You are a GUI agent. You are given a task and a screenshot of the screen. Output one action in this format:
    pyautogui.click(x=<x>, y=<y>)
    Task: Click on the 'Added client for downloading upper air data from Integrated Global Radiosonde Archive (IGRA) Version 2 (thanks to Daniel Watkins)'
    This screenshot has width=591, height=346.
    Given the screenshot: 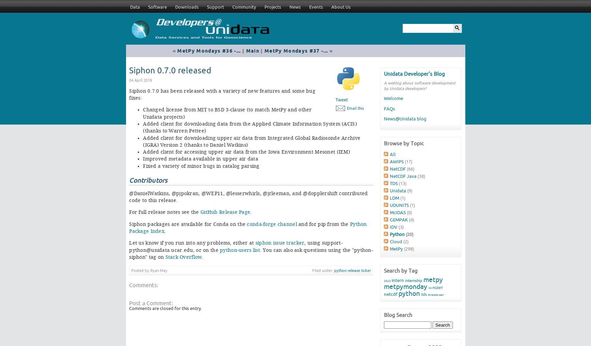 What is the action you would take?
    pyautogui.click(x=252, y=141)
    